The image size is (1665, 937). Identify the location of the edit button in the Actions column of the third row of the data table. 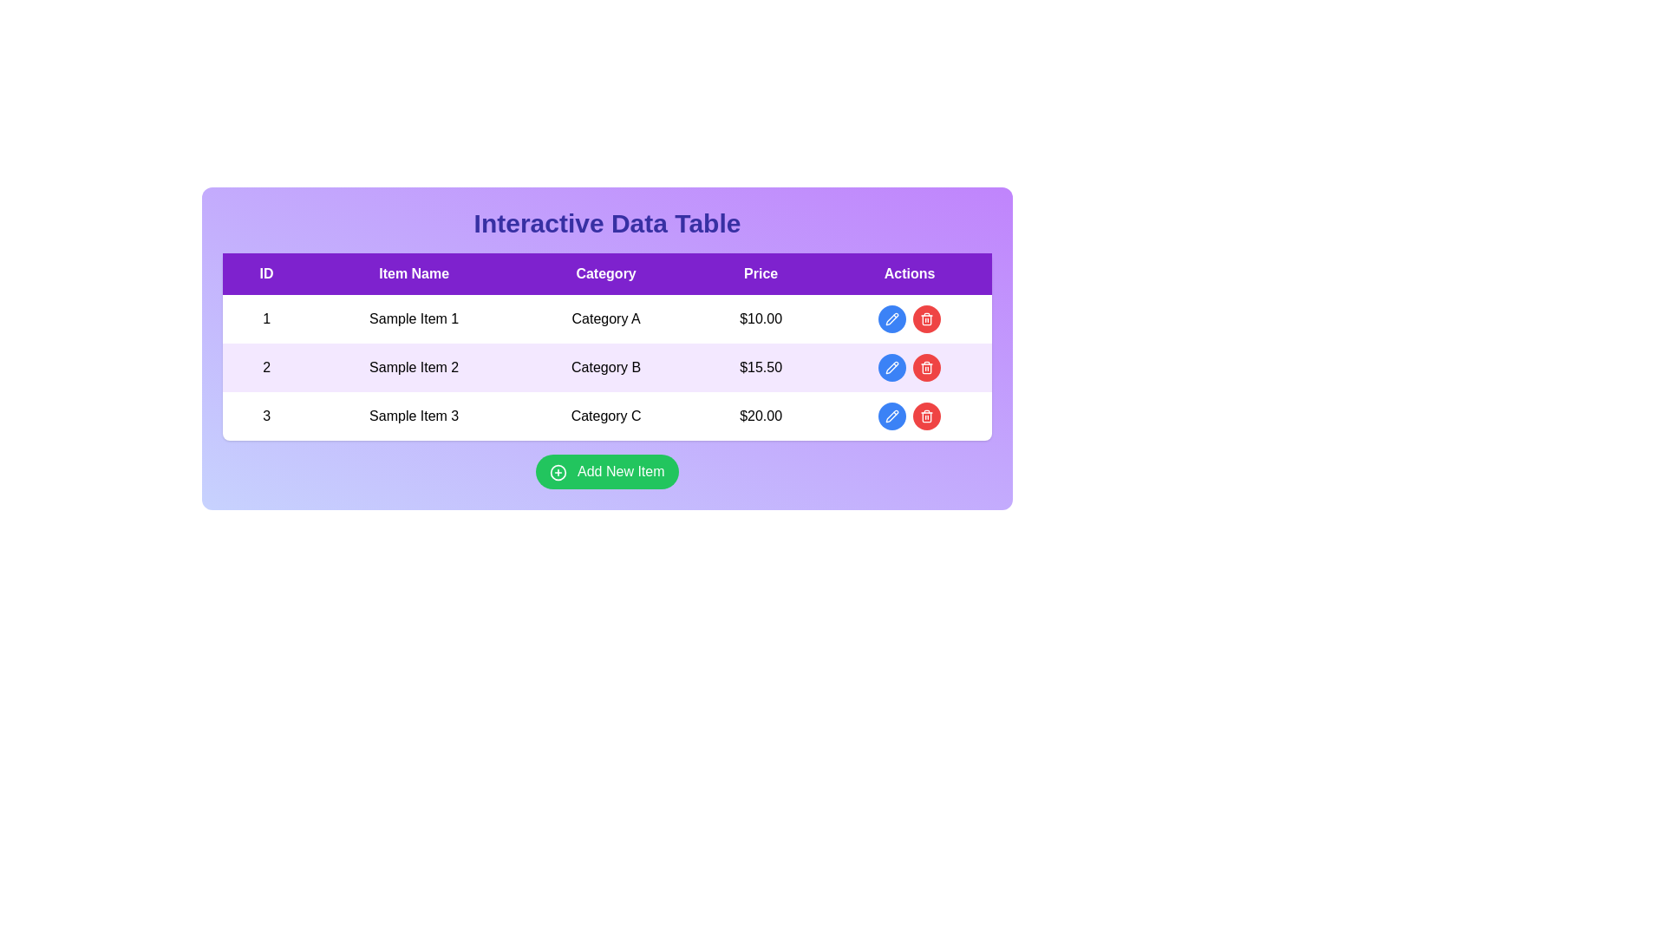
(892, 416).